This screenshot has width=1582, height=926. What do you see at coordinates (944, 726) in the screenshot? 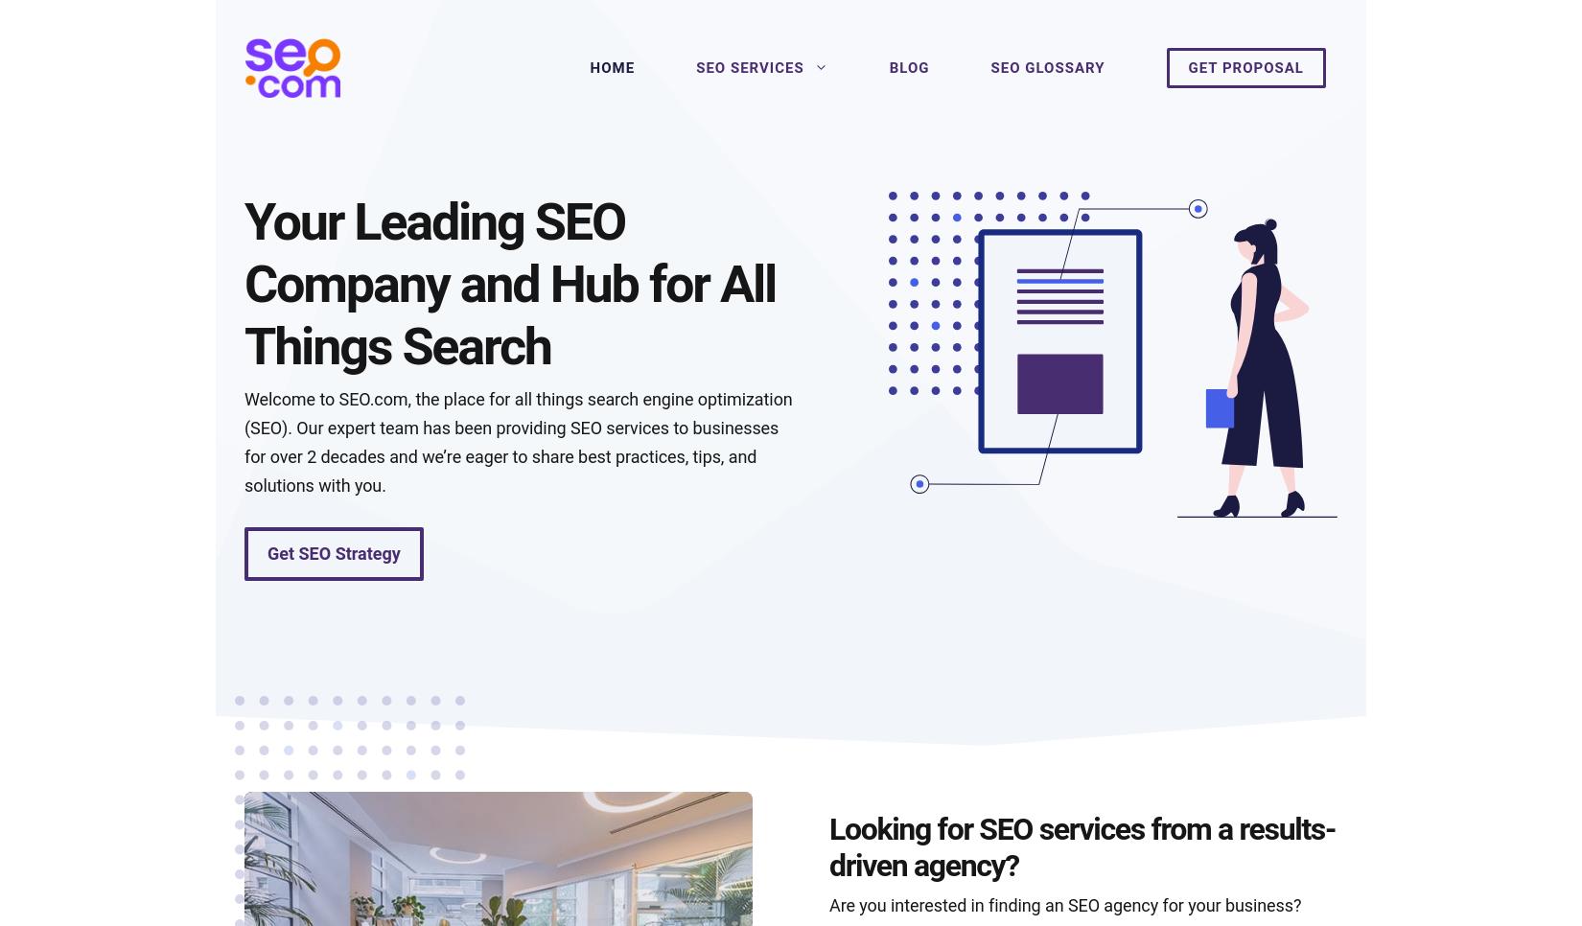
I see `'How to build a keyword list'` at bounding box center [944, 726].